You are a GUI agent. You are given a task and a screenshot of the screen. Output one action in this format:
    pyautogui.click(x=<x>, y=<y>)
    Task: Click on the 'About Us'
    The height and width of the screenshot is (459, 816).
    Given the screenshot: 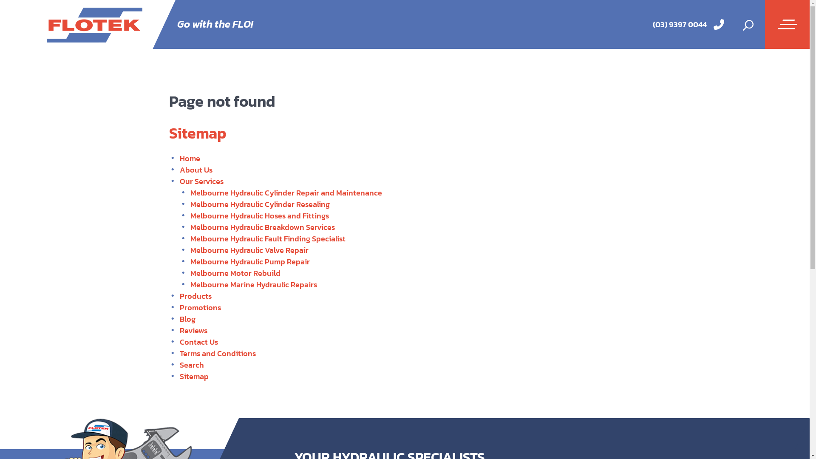 What is the action you would take?
    pyautogui.click(x=195, y=170)
    